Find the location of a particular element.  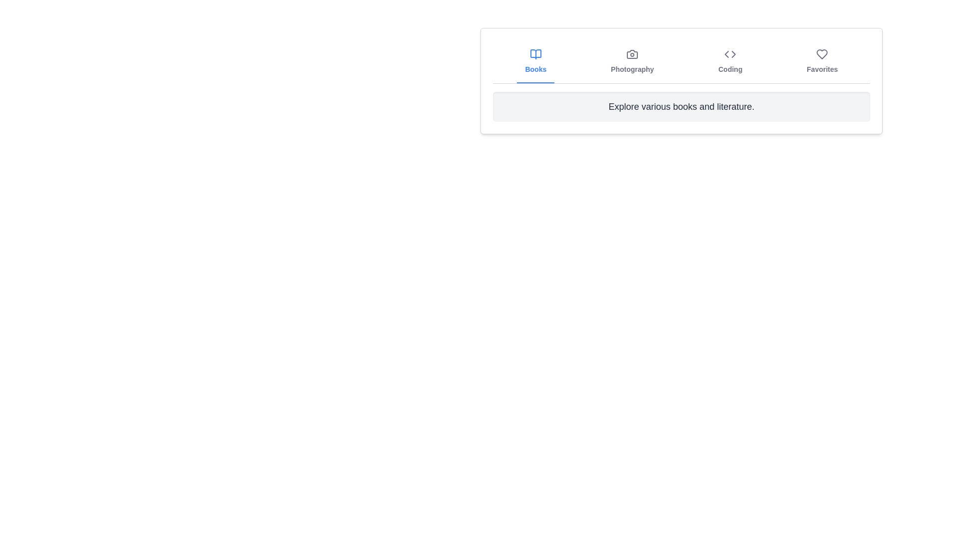

the tab in the category selector and information panel located at the center of the bounding box to switch category is located at coordinates (681, 80).